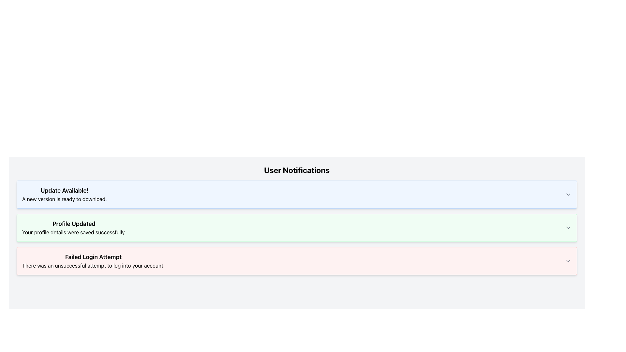 This screenshot has width=626, height=352. What do you see at coordinates (74, 232) in the screenshot?
I see `confirmation text label indicating that the user's profile information has been saved successfully, located at the center of the notification card titled 'Profile Updated'` at bounding box center [74, 232].